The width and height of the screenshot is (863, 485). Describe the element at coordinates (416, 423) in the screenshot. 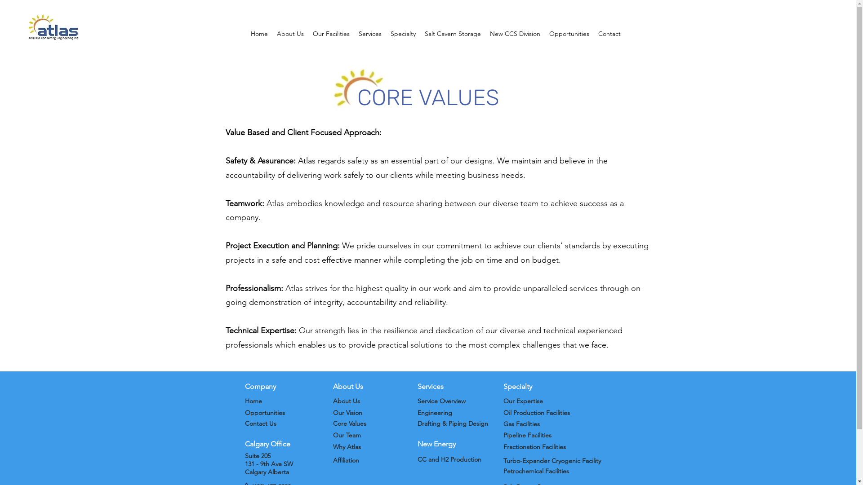

I see `'Drafting & Piping Design '` at that location.